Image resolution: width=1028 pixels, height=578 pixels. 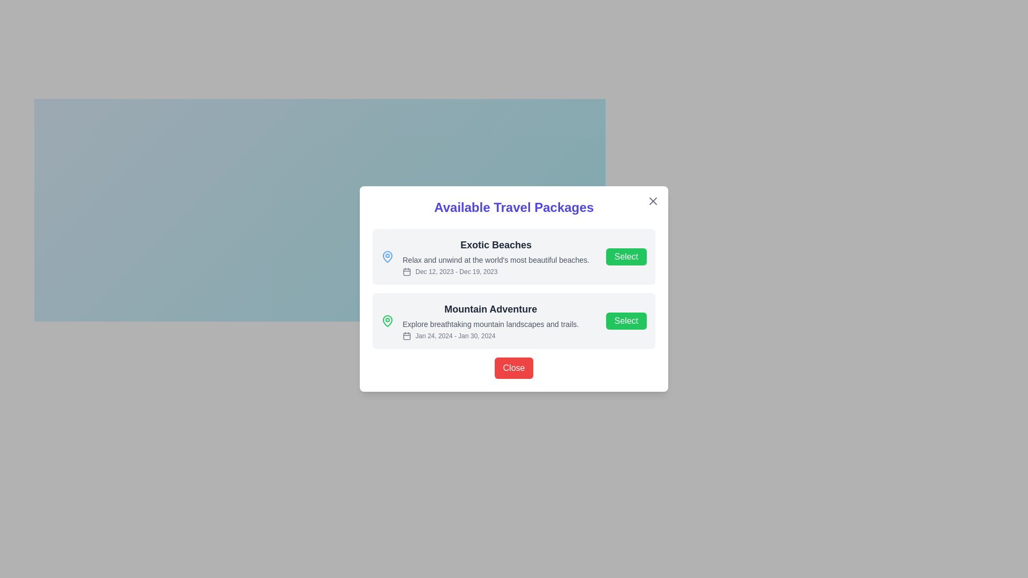 What do you see at coordinates (490, 336) in the screenshot?
I see `displayed date range information from the Text with an icon located below the title 'Mountain Adventure' and the descriptive text 'Explore breathtaking mountain landscapes and trails.'` at bounding box center [490, 336].